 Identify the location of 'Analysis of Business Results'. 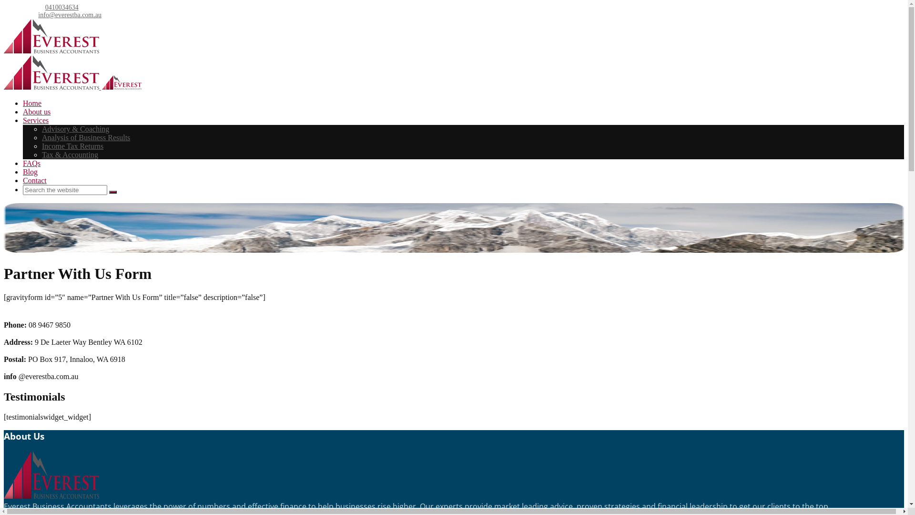
(86, 137).